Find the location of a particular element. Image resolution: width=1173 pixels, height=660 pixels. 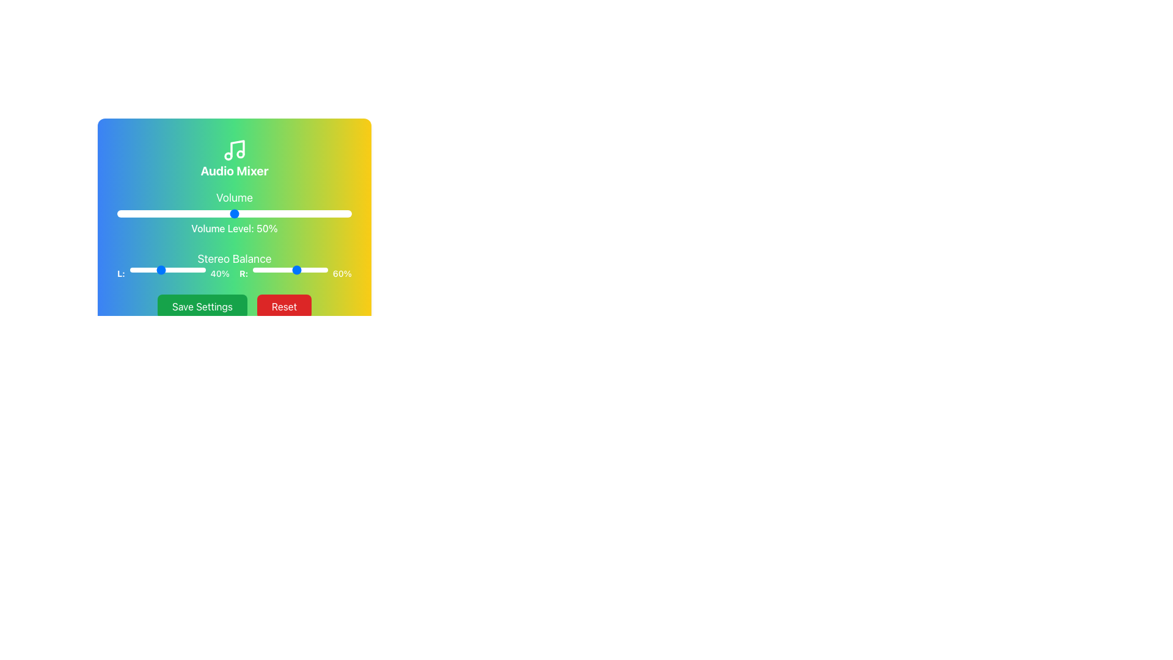

the reset settings button located at the bottom-right corner of the main interface is located at coordinates (283, 306).